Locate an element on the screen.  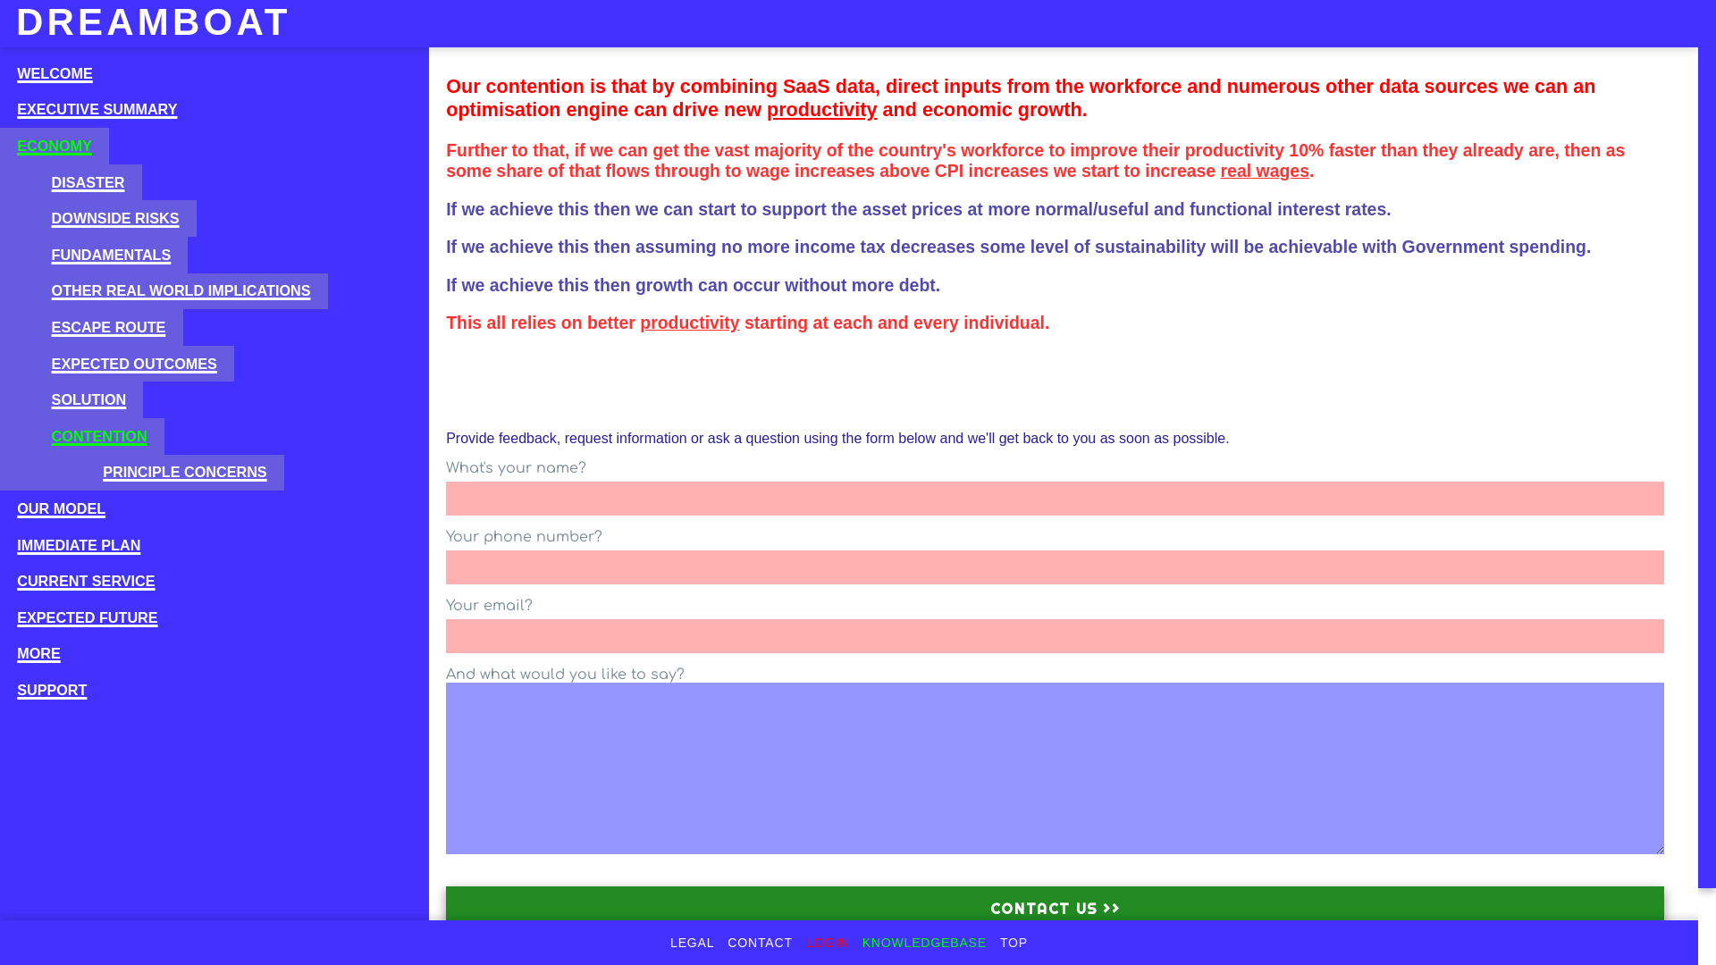
'EXECUTIVE SUMMARY' is located at coordinates (97, 110).